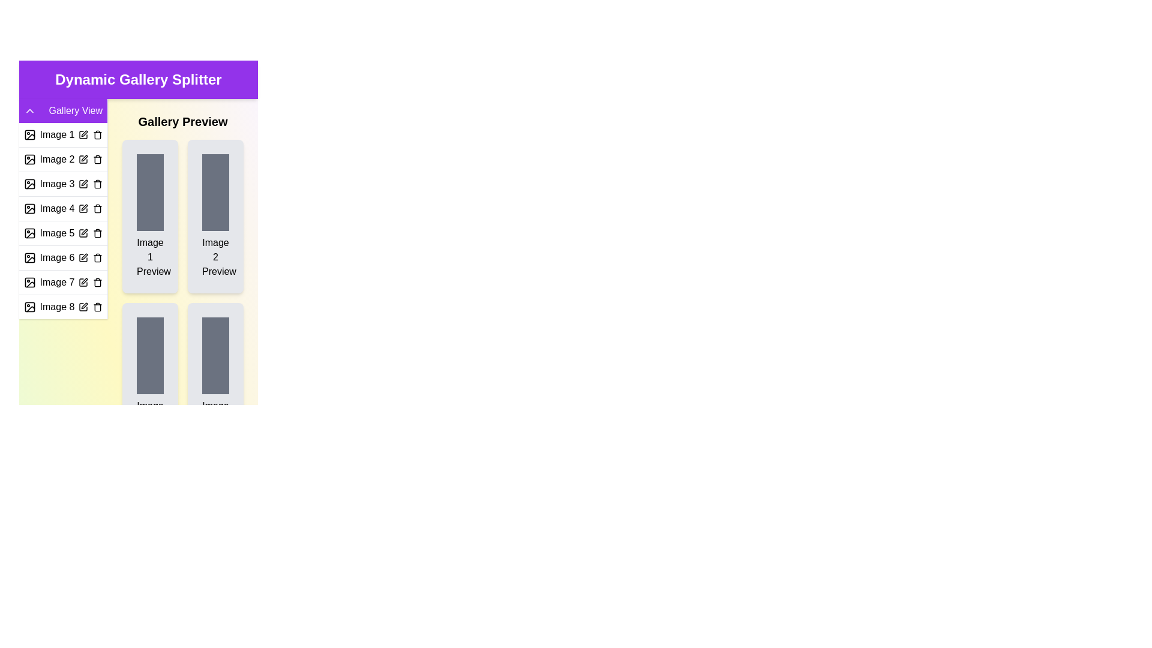  Describe the element at coordinates (56, 184) in the screenshot. I see `the text label in the 'Gallery View' panel that identifies the third image, positioned between 'Image 2' and 'Image 4'` at that location.